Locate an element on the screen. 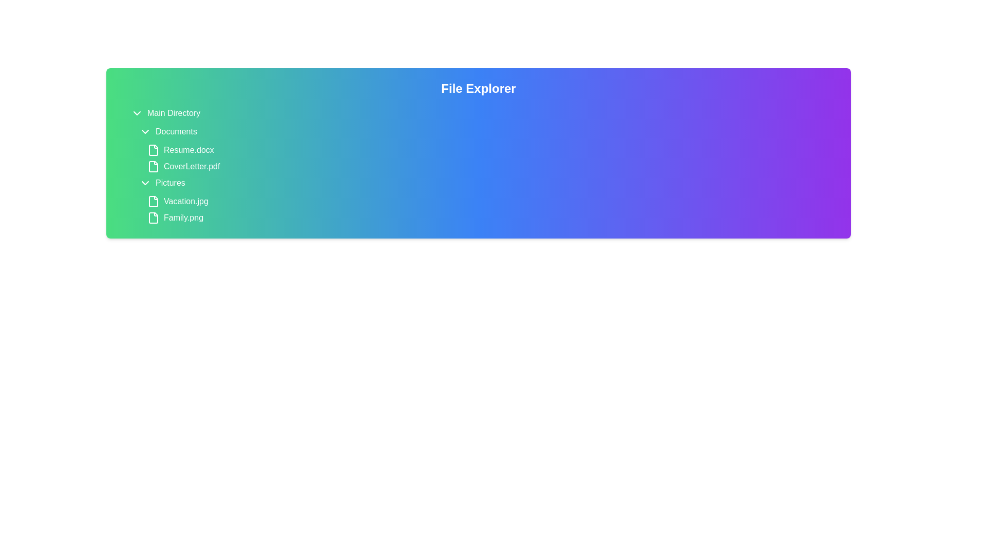 The width and height of the screenshot is (986, 554). the graphical icon representing the file 'Vacation.jpg' located in the 'Pictures' folder is located at coordinates (153, 202).